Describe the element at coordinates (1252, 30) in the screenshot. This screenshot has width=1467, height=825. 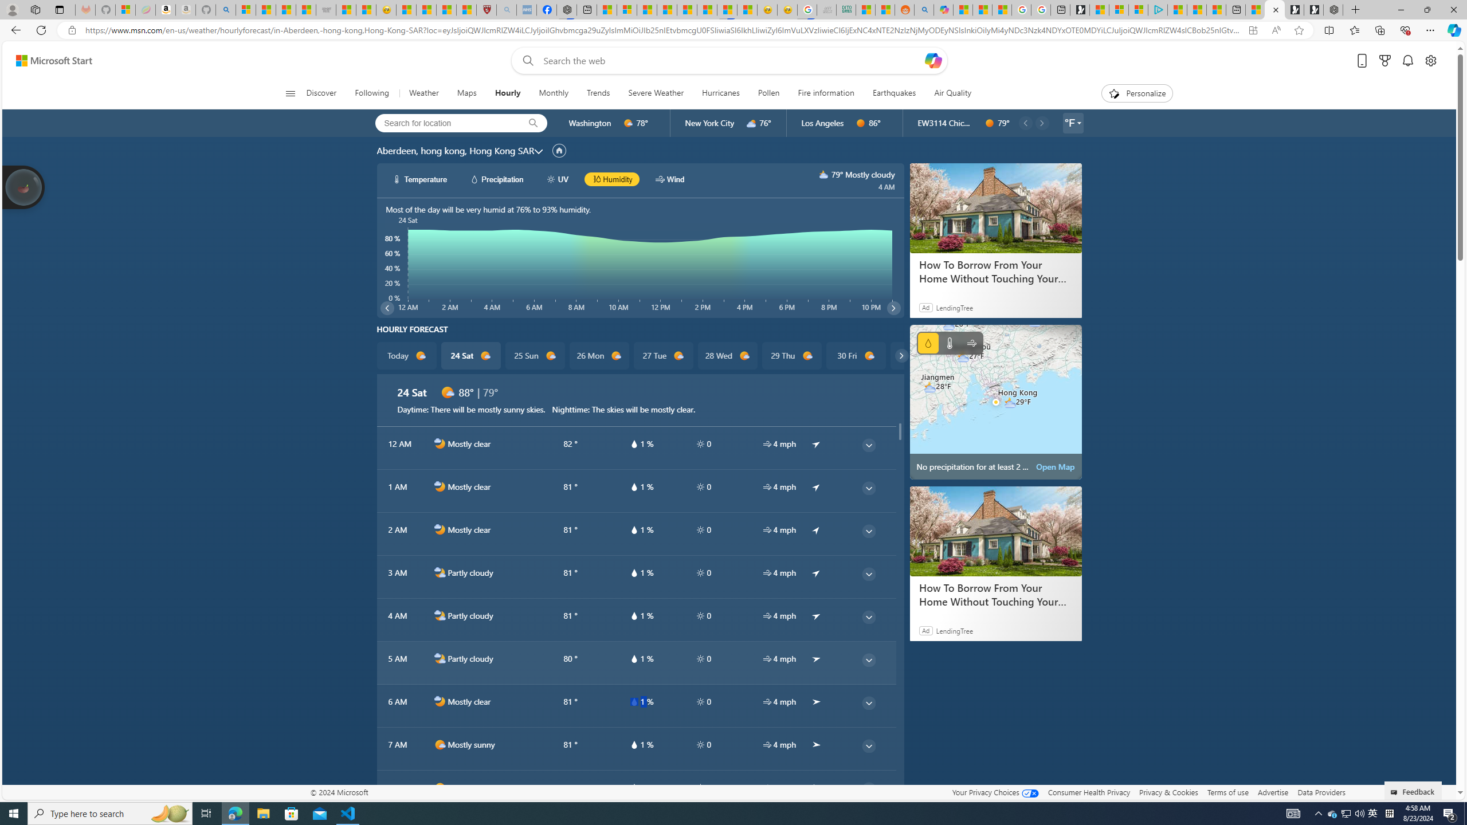
I see `'App available. Install Microsoft Start Weather'` at that location.